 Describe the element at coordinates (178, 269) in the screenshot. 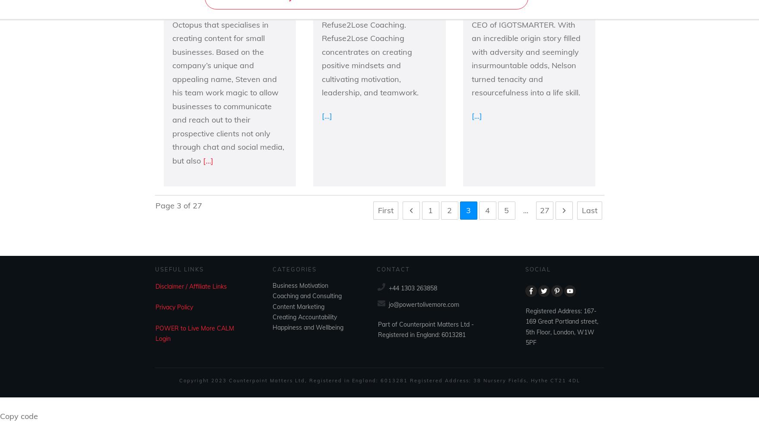

I see `'Useful links'` at that location.